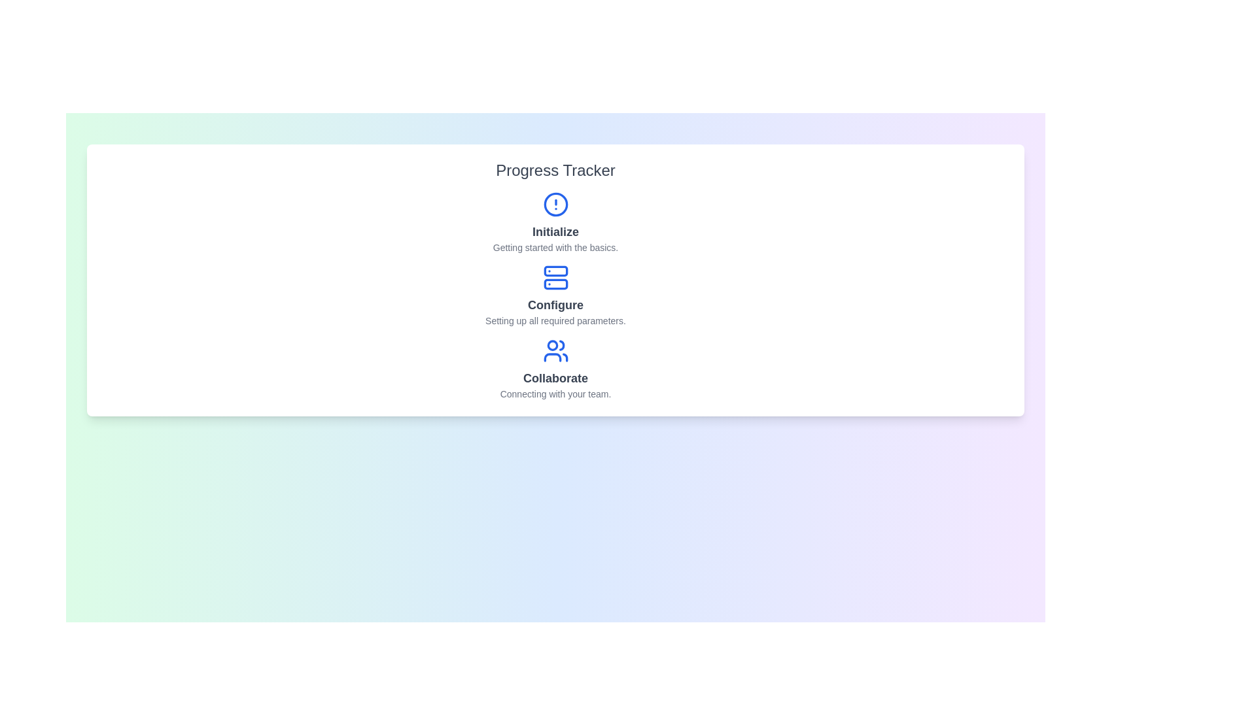 The height and width of the screenshot is (706, 1256). Describe the element at coordinates (555, 222) in the screenshot. I see `the step labeled Initialize` at that location.